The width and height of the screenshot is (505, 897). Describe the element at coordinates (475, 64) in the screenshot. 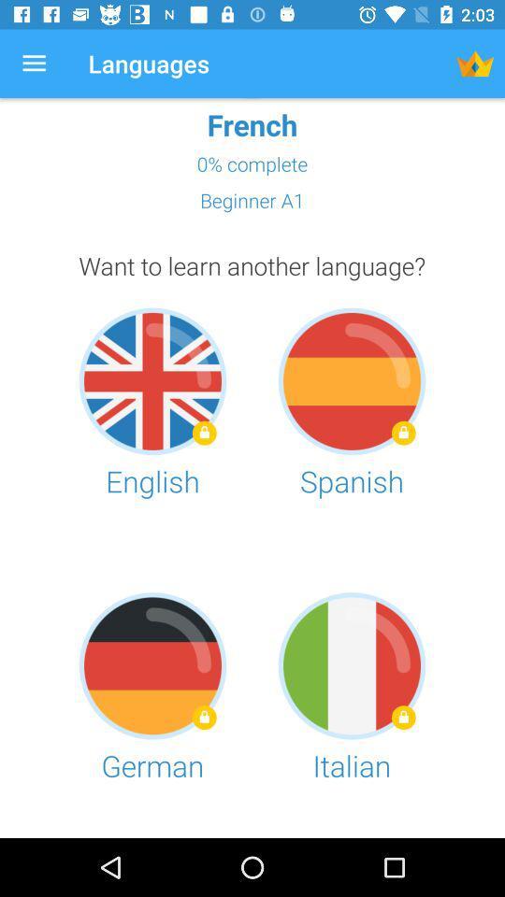

I see `the app to the right of the languages app` at that location.